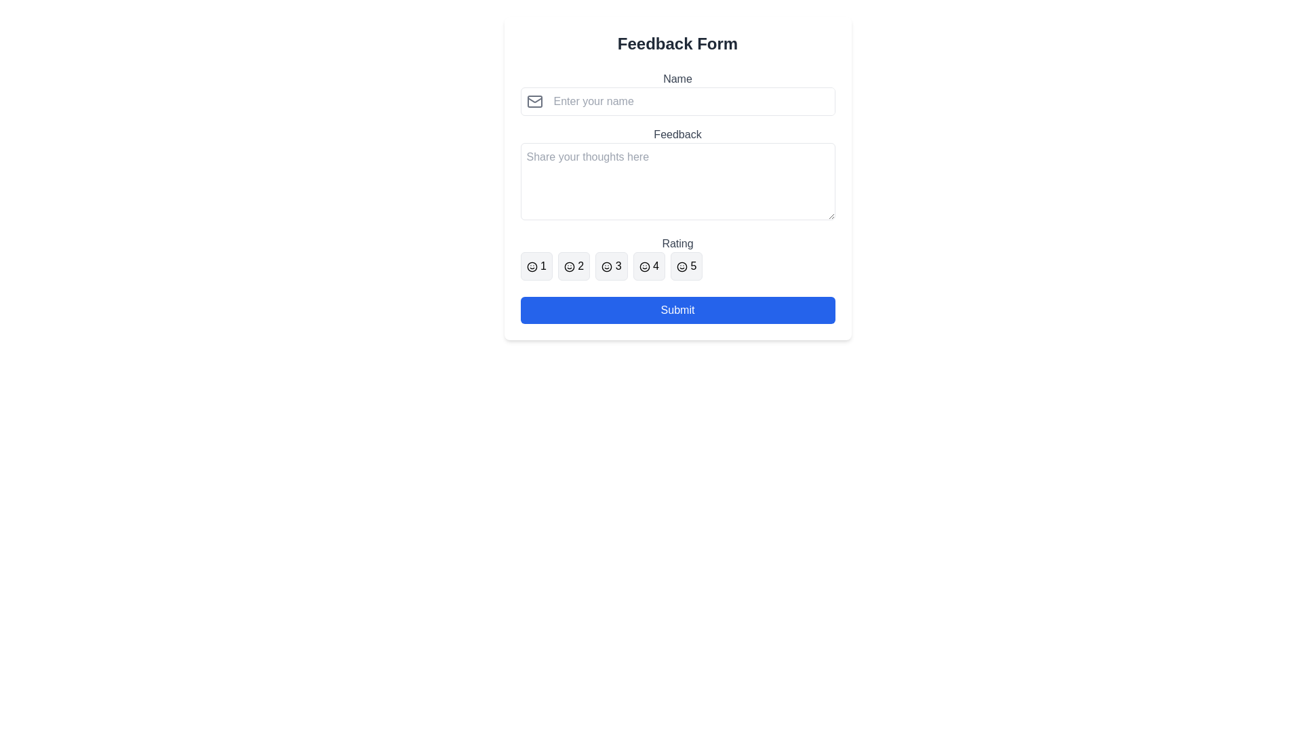 The height and width of the screenshot is (732, 1302). I want to click on the leftmost smiley face icon on the 'Rating' row in the feedback form, so click(531, 266).